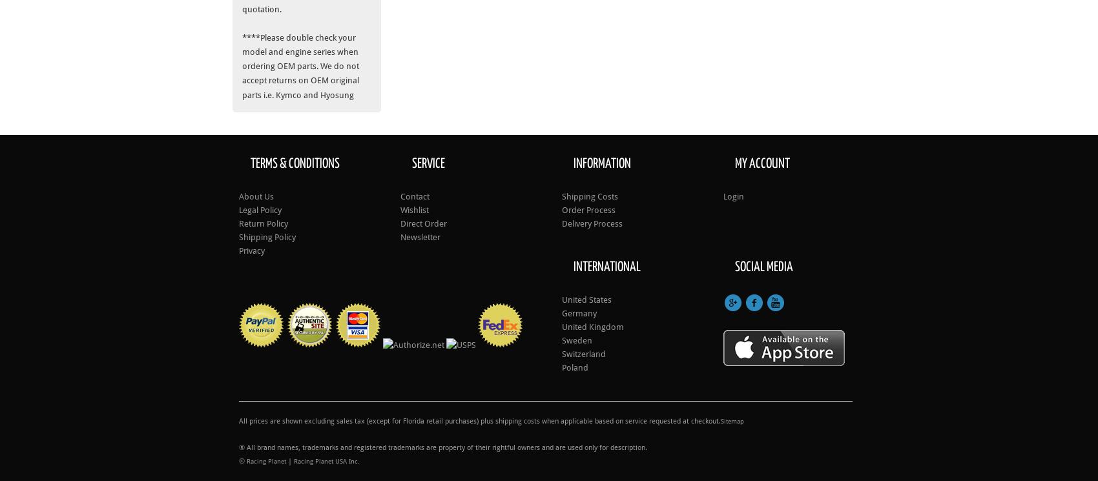  Describe the element at coordinates (399, 223) in the screenshot. I see `'Direct Order'` at that location.